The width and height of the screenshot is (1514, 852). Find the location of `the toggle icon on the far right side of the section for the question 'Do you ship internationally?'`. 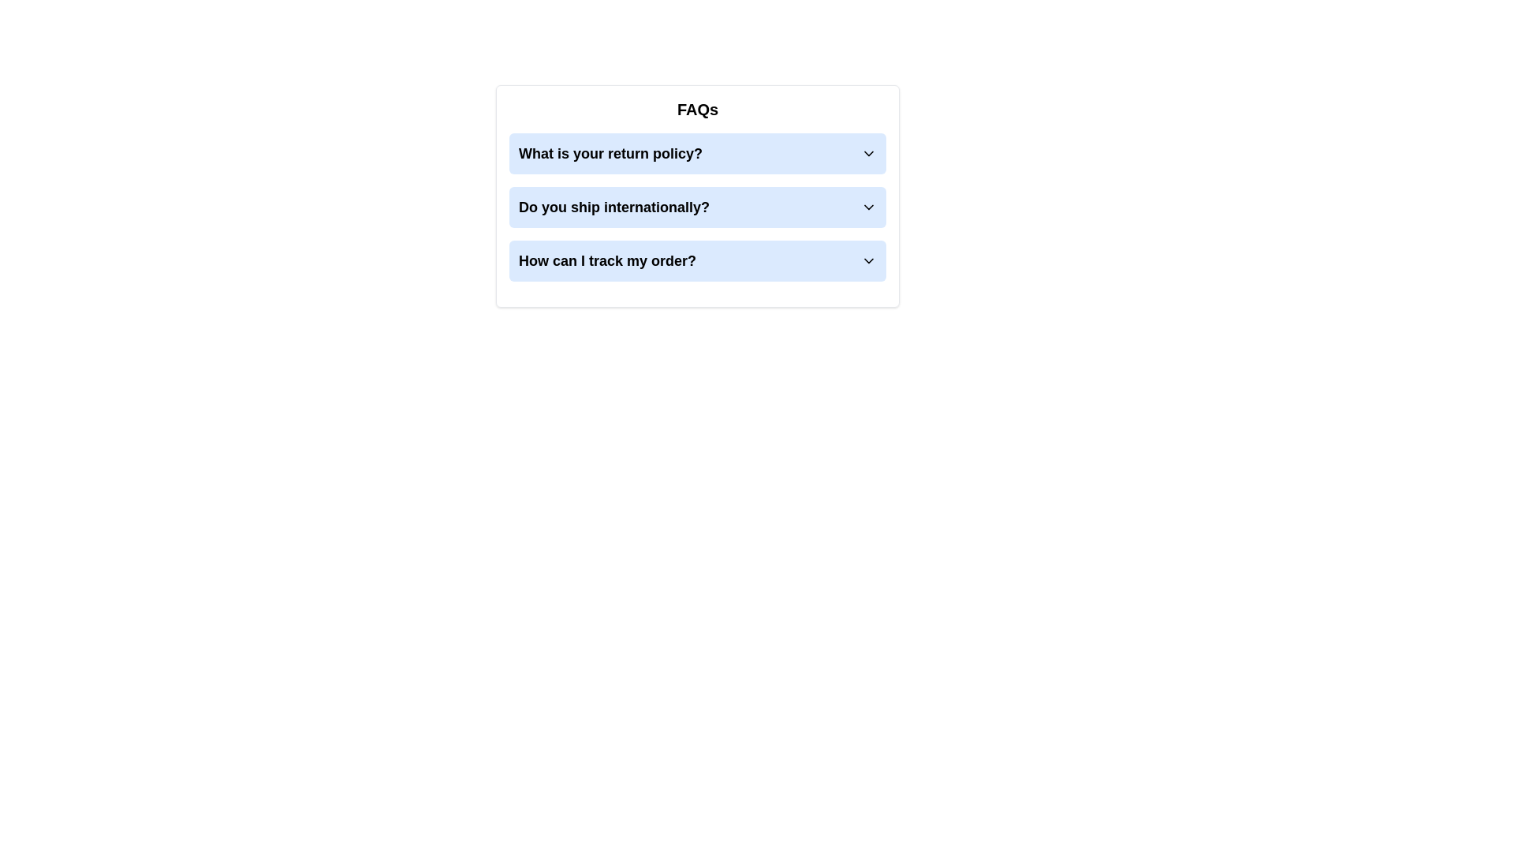

the toggle icon on the far right side of the section for the question 'Do you ship internationally?' is located at coordinates (868, 206).